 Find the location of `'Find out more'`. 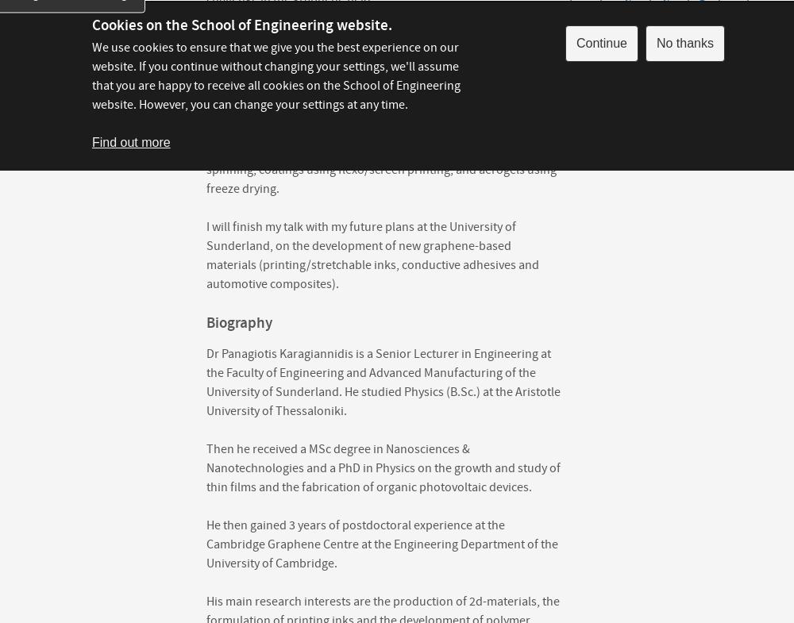

'Find out more' is located at coordinates (131, 141).